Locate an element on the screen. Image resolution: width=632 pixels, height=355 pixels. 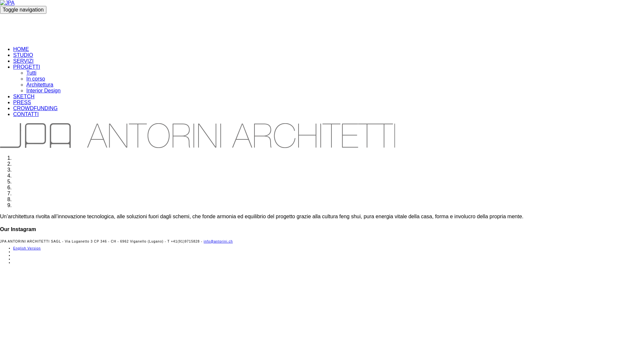
'JPA' is located at coordinates (7, 3).